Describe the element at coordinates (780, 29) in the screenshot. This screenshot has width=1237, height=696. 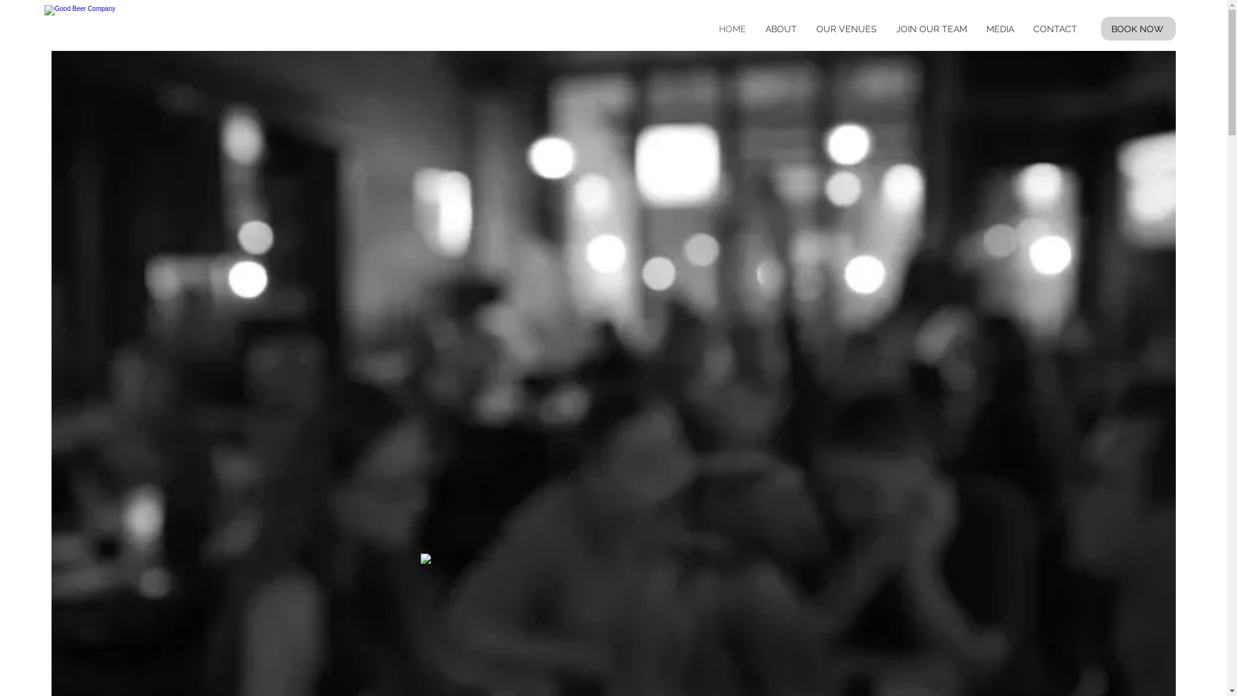
I see `'ABOUT'` at that location.